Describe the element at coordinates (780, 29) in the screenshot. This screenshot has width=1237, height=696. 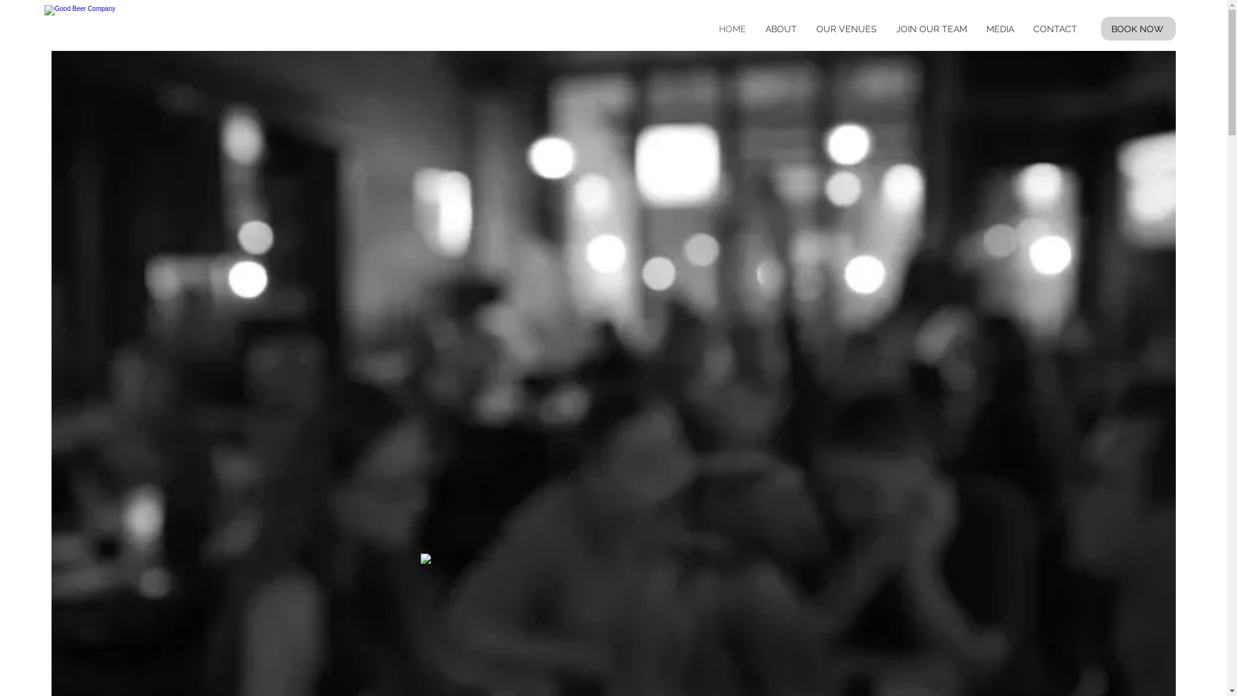
I see `'ABOUT'` at that location.